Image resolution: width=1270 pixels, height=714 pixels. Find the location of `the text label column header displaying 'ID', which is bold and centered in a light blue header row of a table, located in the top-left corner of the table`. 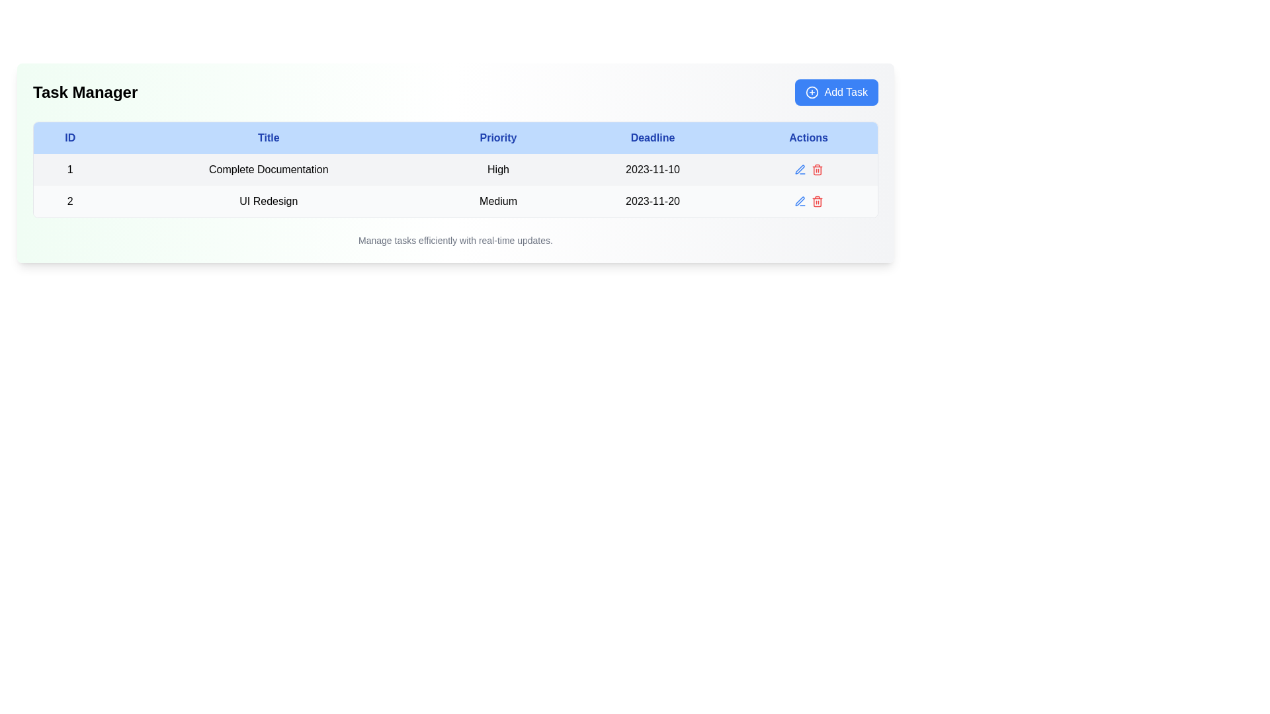

the text label column header displaying 'ID', which is bold and centered in a light blue header row of a table, located in the top-left corner of the table is located at coordinates (69, 138).